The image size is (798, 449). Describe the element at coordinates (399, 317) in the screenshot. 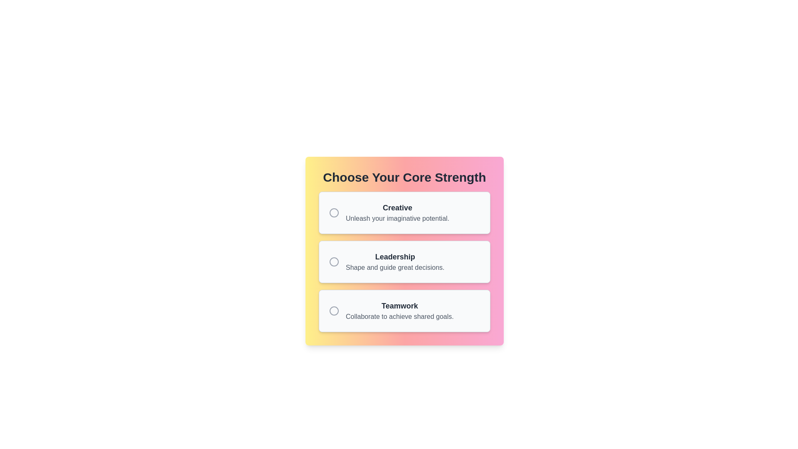

I see `descriptive label text located below the bolded header 'Teamwork' in the selection form card` at that location.